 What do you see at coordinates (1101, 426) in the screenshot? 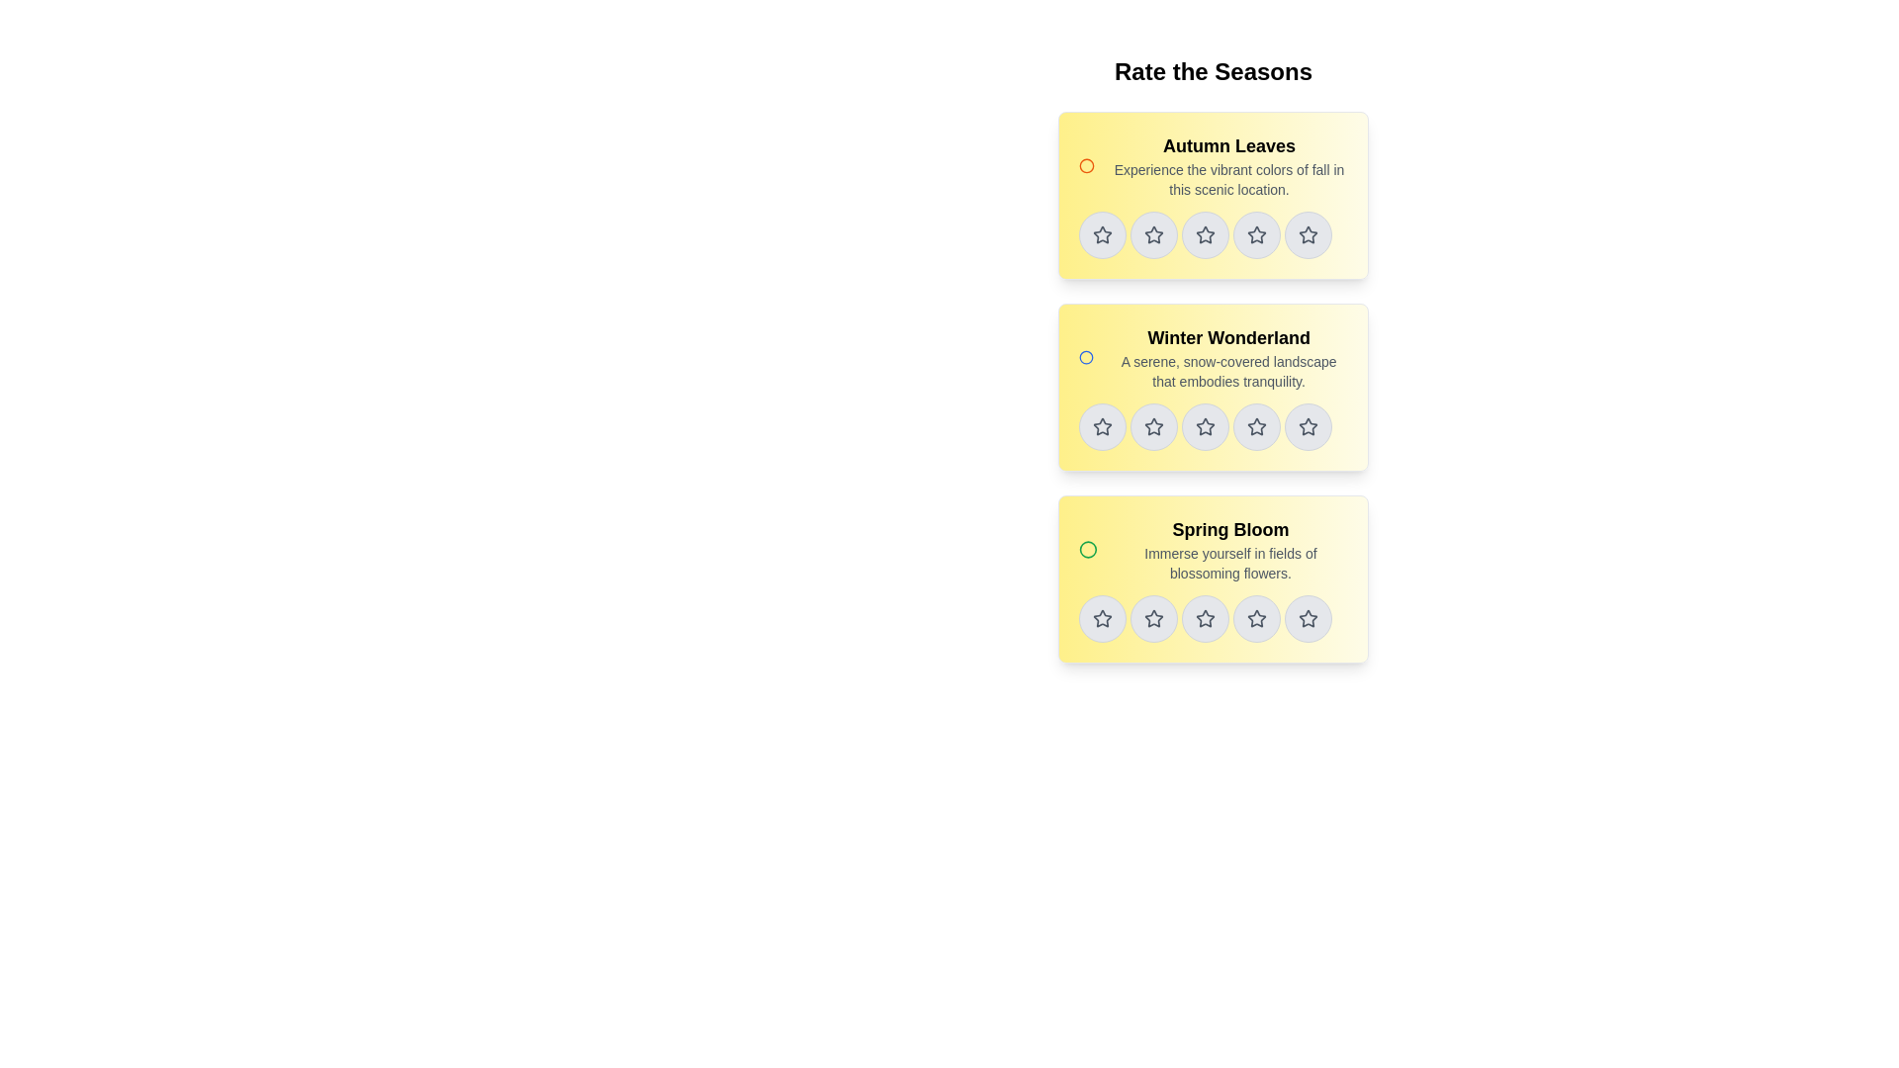
I see `the first star icon in the 'Winter Wonderland' rating section to rate the corresponding option` at bounding box center [1101, 426].